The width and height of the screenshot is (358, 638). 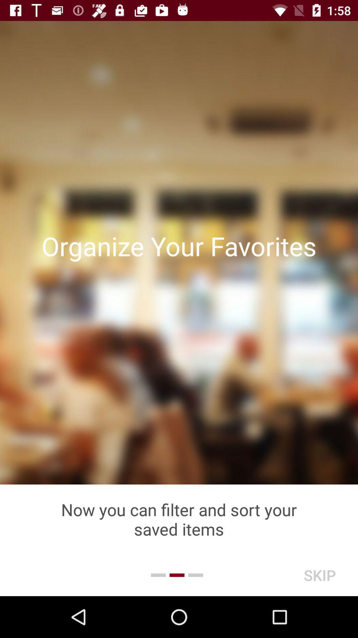 I want to click on the item below the now you can item, so click(x=319, y=575).